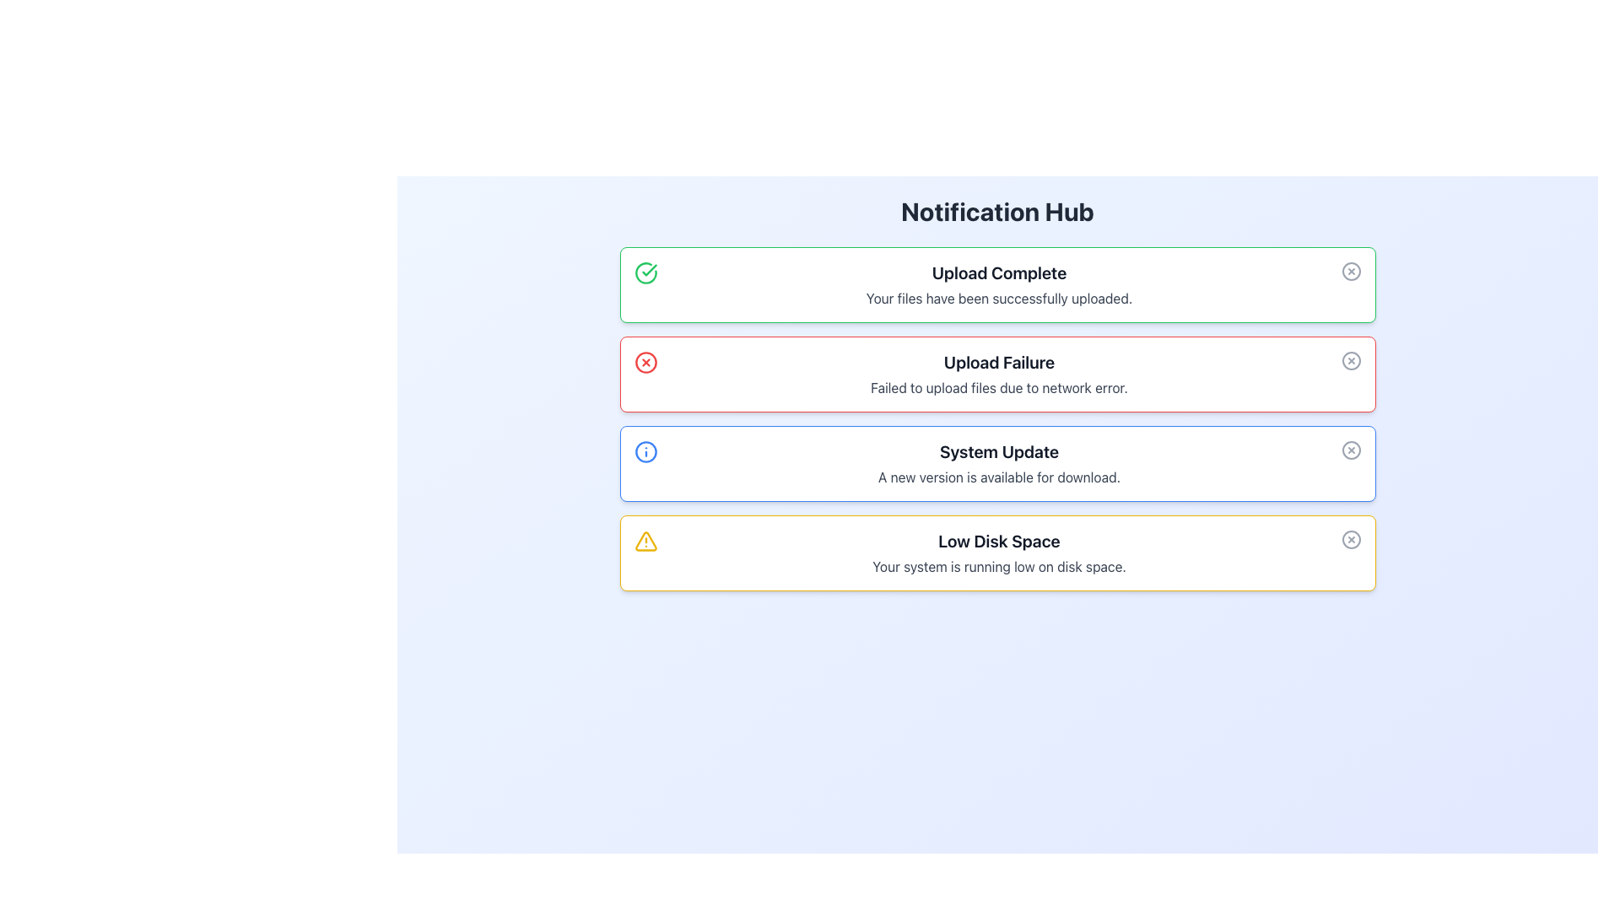  I want to click on the textual notification component titled 'Low Disk Space' with a warning background and yellow border, which is positioned fourth from the top in the notification list, so click(999, 553).